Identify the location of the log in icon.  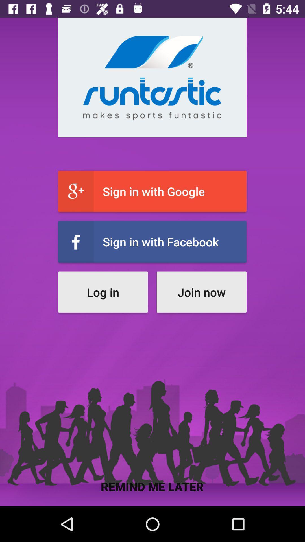
(103, 292).